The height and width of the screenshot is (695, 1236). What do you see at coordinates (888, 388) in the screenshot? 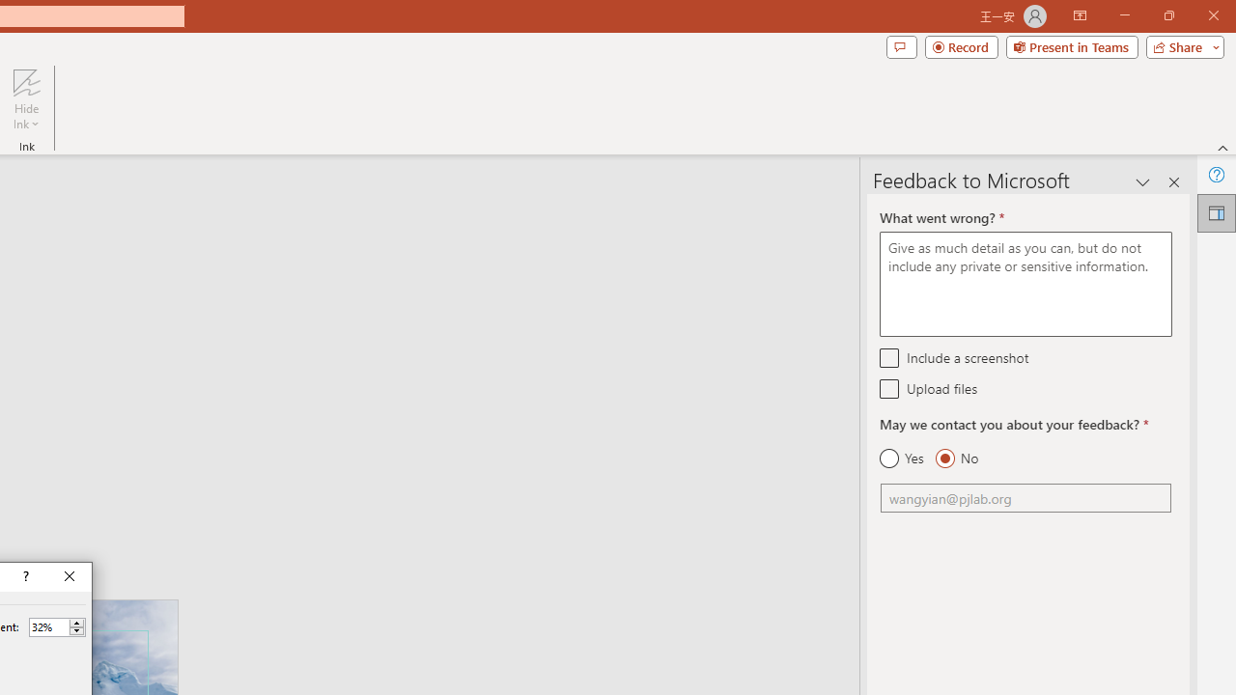
I see `'Upload files'` at bounding box center [888, 388].